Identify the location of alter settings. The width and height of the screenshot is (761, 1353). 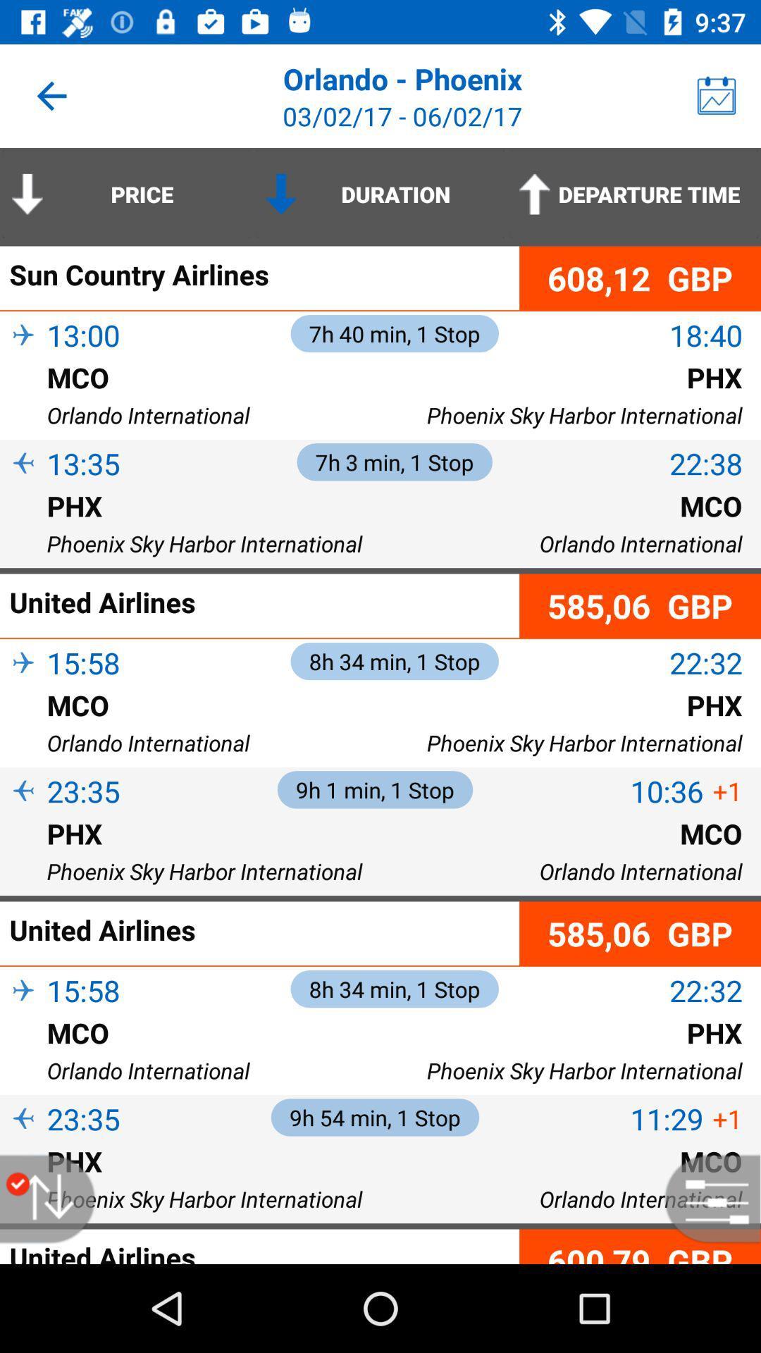
(705, 1198).